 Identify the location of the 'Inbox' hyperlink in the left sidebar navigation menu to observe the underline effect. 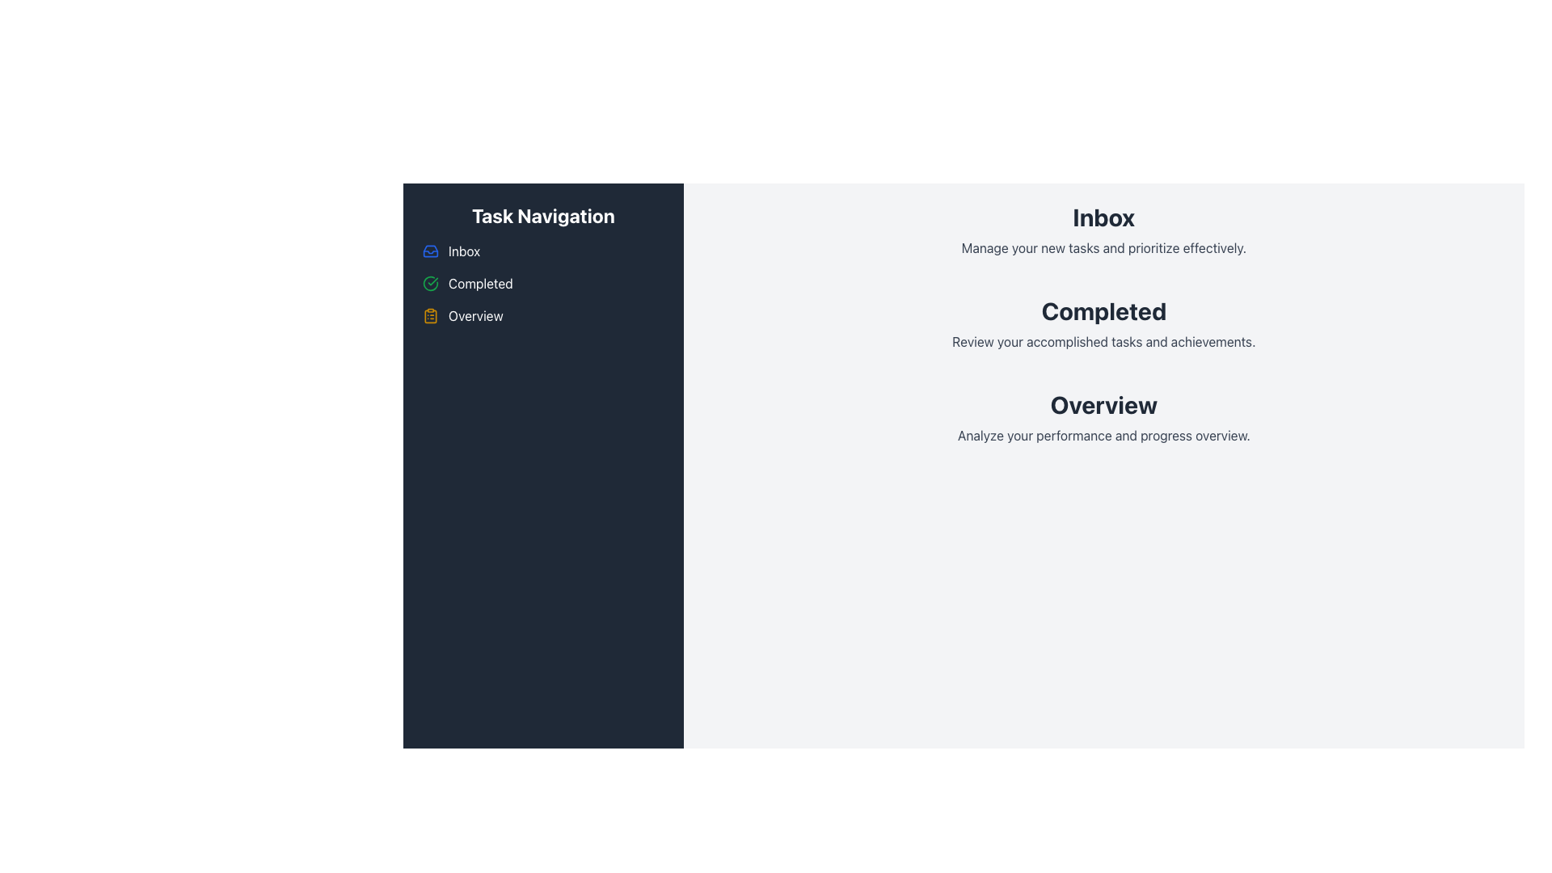
(463, 251).